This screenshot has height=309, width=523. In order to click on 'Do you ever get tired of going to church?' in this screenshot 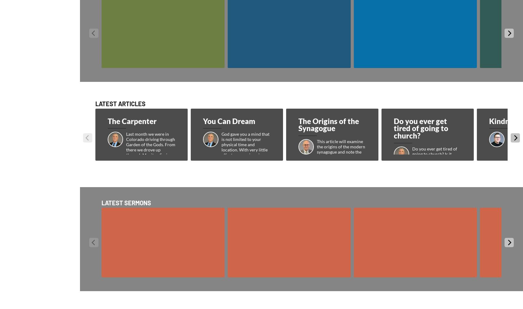, I will do `click(393, 128)`.